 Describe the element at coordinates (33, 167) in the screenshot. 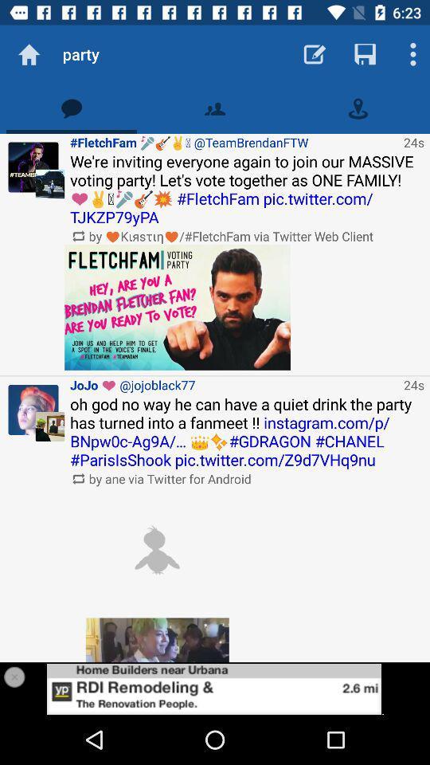

I see `user home page` at that location.